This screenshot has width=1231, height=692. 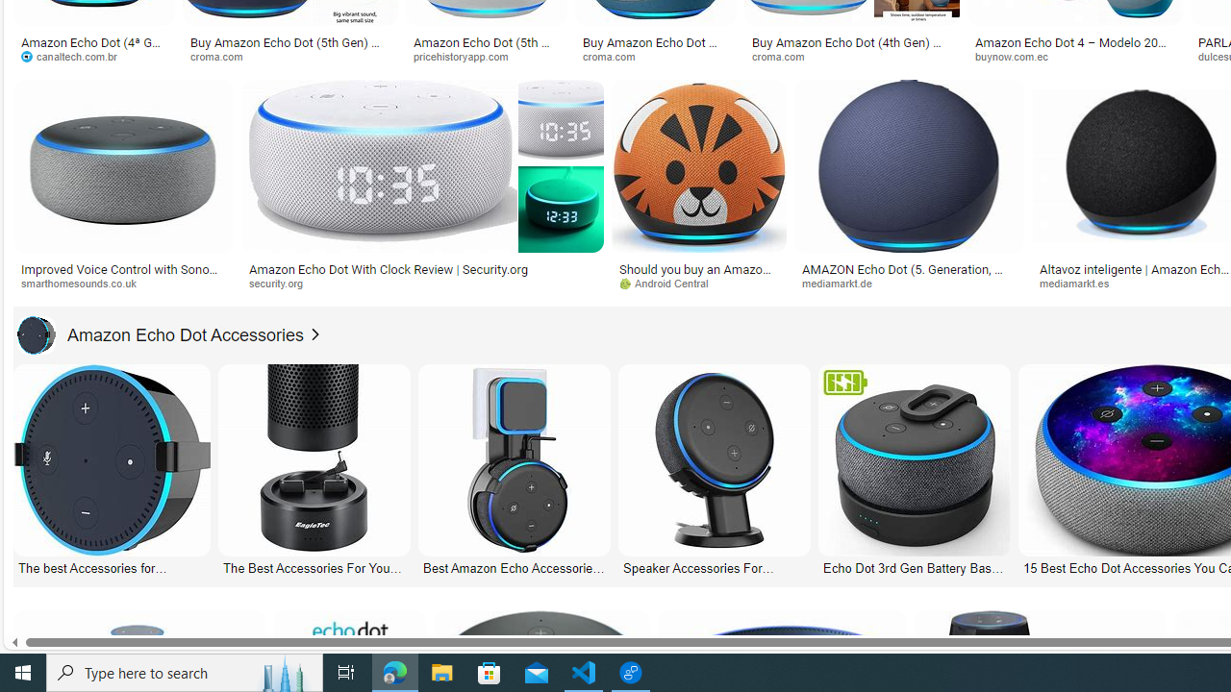 I want to click on 'Improved Voice Control with Sonos & Alexa Echo devices', so click(x=122, y=275).